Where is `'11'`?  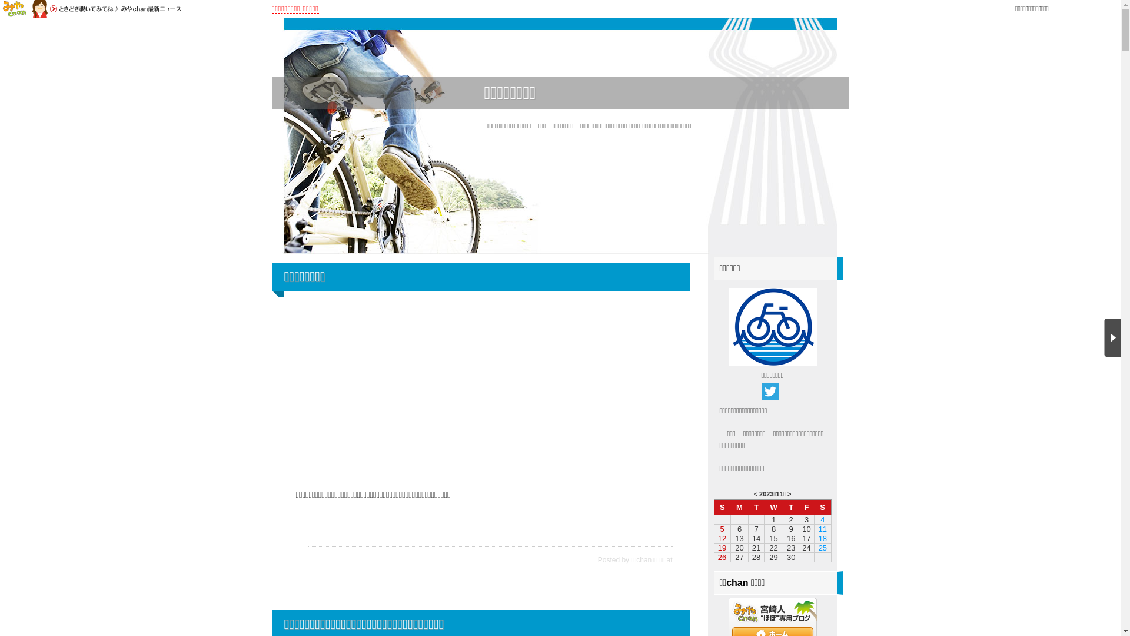
'11' is located at coordinates (779, 494).